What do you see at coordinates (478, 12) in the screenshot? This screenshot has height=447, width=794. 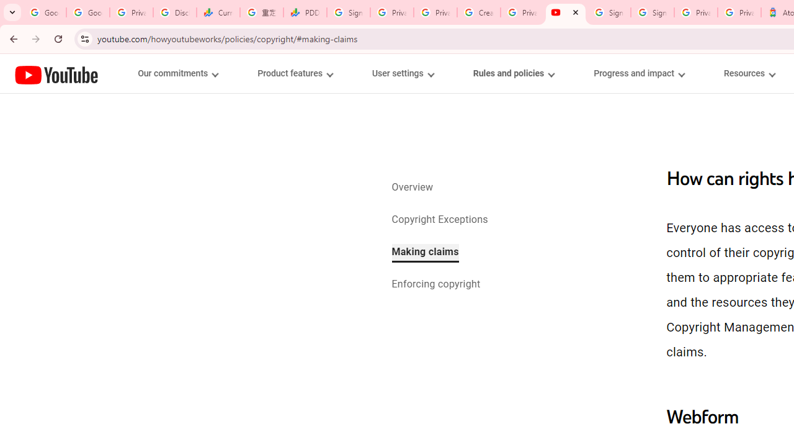 I see `'Create your Google Account'` at bounding box center [478, 12].